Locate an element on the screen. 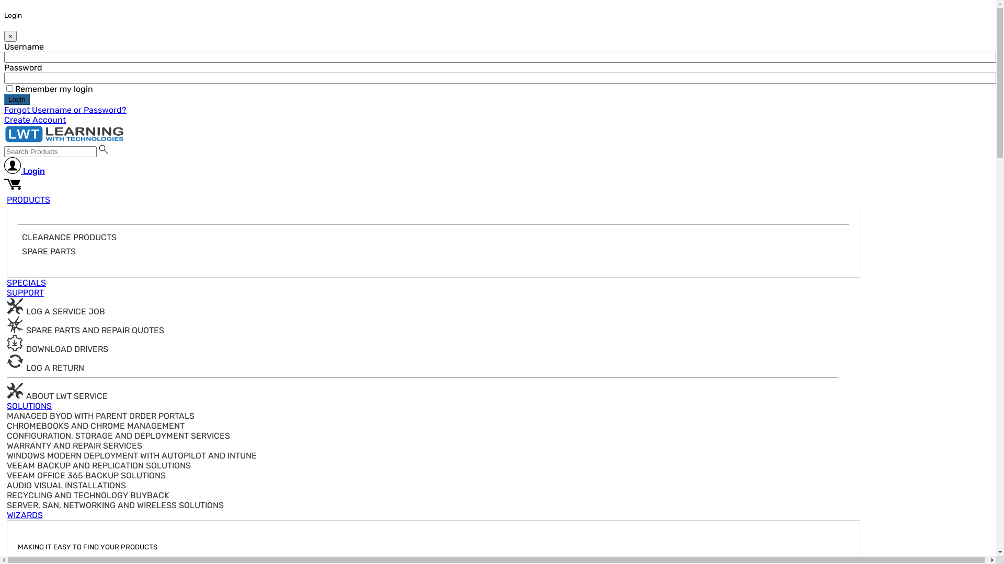 The image size is (1004, 564). 'Forgot Username or Password?' is located at coordinates (4, 110).